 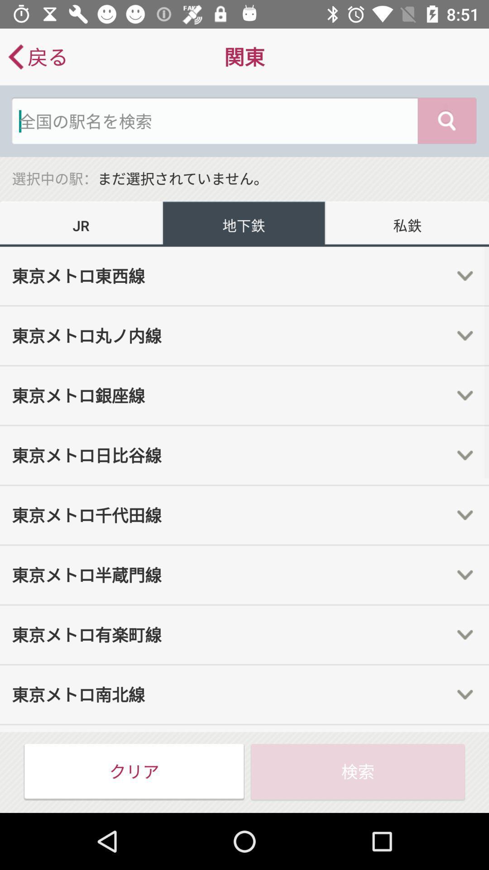 I want to click on the fourth drop down button from the top of the page, so click(x=465, y=455).